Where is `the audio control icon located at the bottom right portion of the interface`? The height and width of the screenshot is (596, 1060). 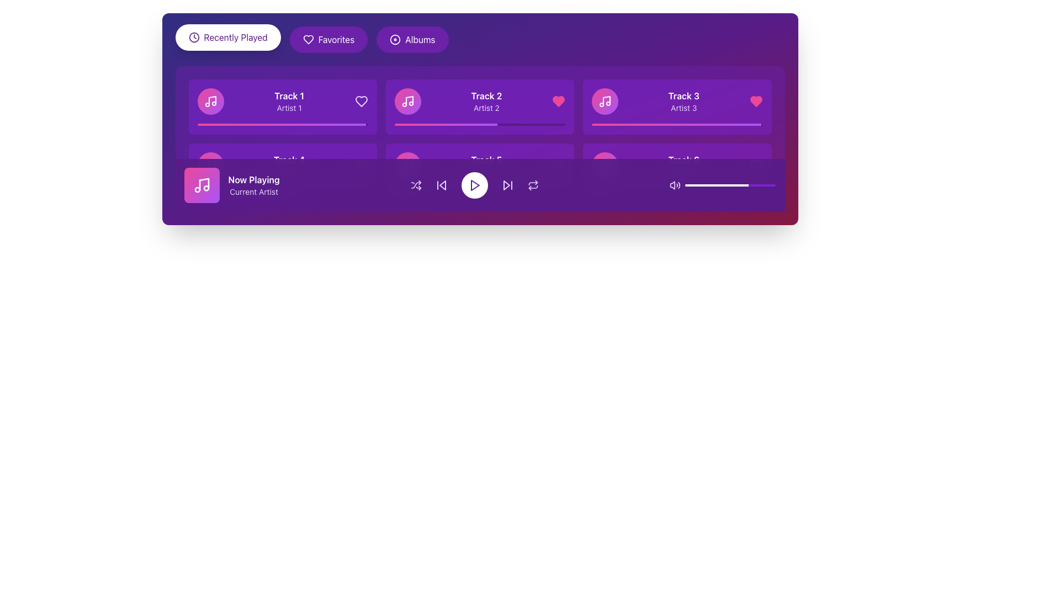 the audio control icon located at the bottom right portion of the interface is located at coordinates (675, 184).